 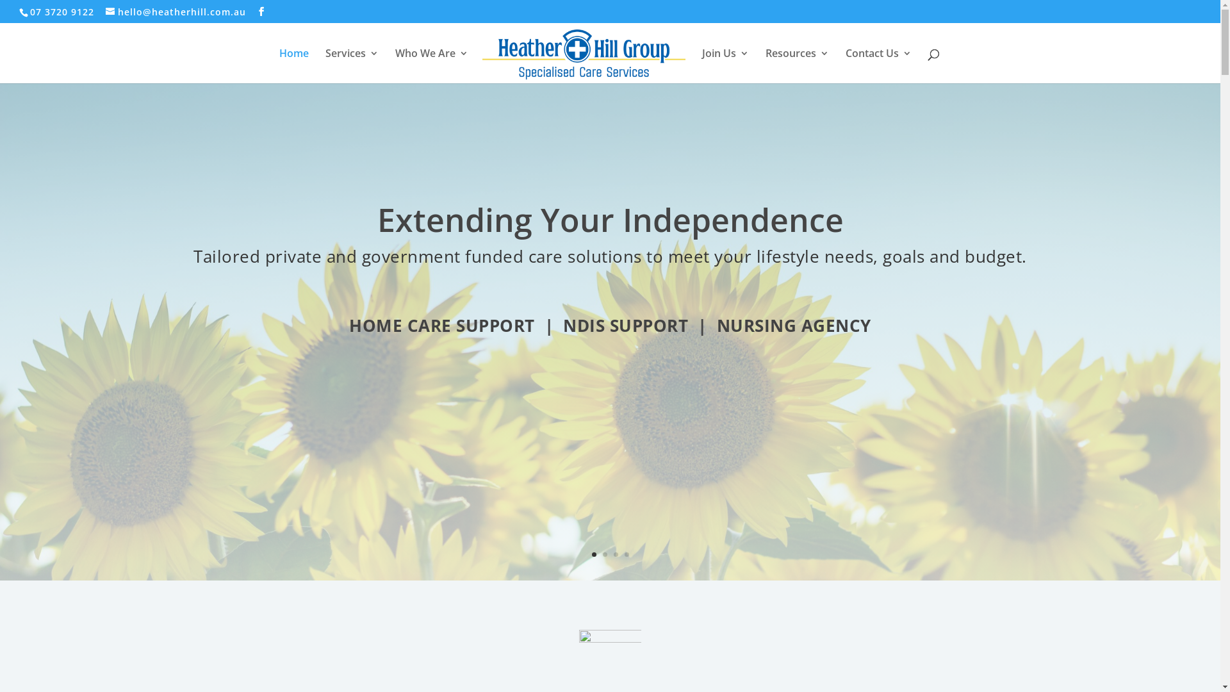 What do you see at coordinates (626, 554) in the screenshot?
I see `'4'` at bounding box center [626, 554].